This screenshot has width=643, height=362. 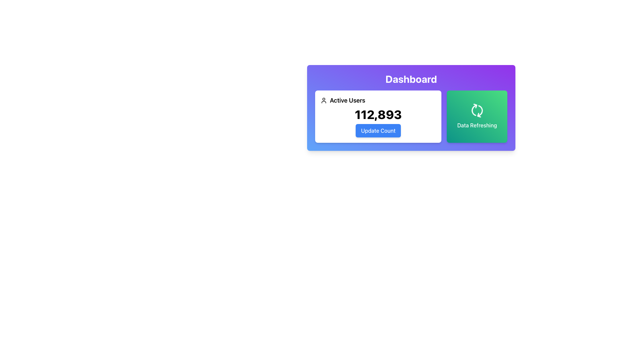 I want to click on the curved arrow icon located in the right green section labeled 'Data Refreshing', which indicates refresh operations, so click(x=476, y=108).